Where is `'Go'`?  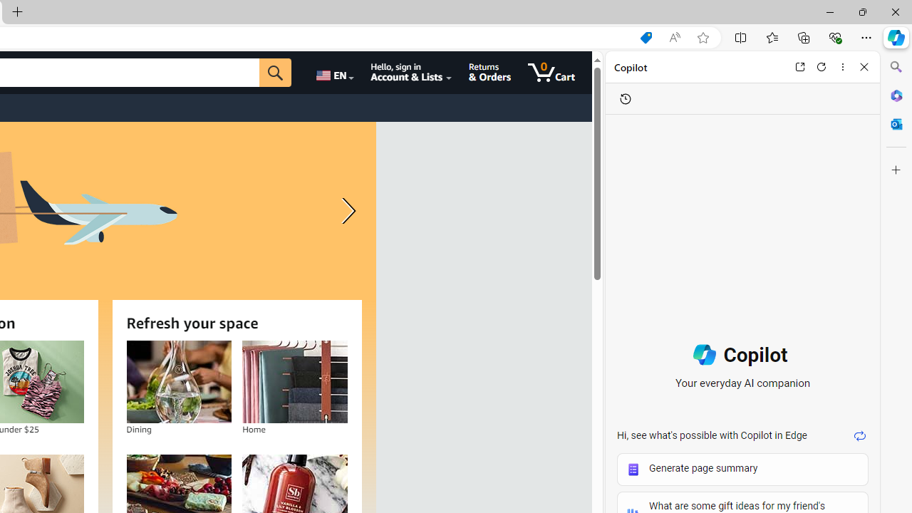 'Go' is located at coordinates (275, 72).